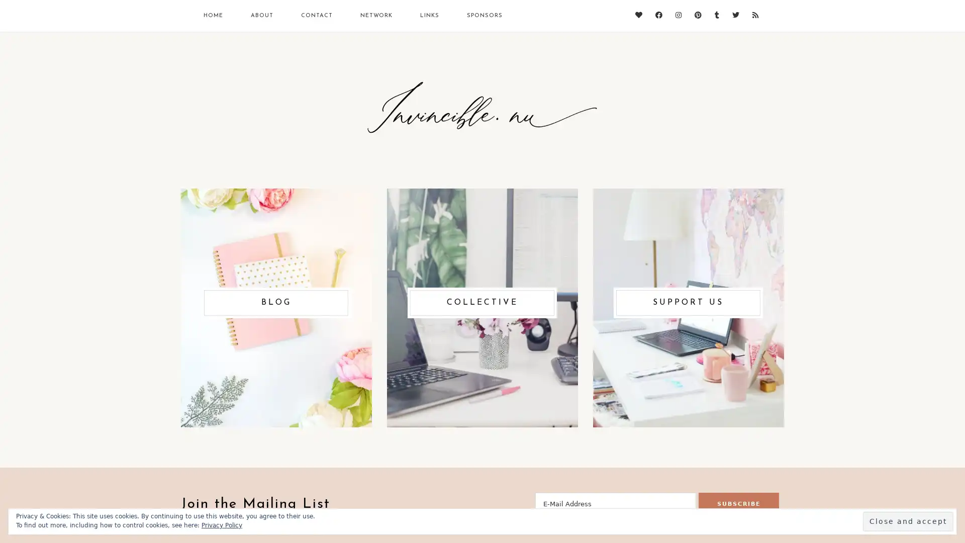  What do you see at coordinates (908, 521) in the screenshot?
I see `Close and accept` at bounding box center [908, 521].